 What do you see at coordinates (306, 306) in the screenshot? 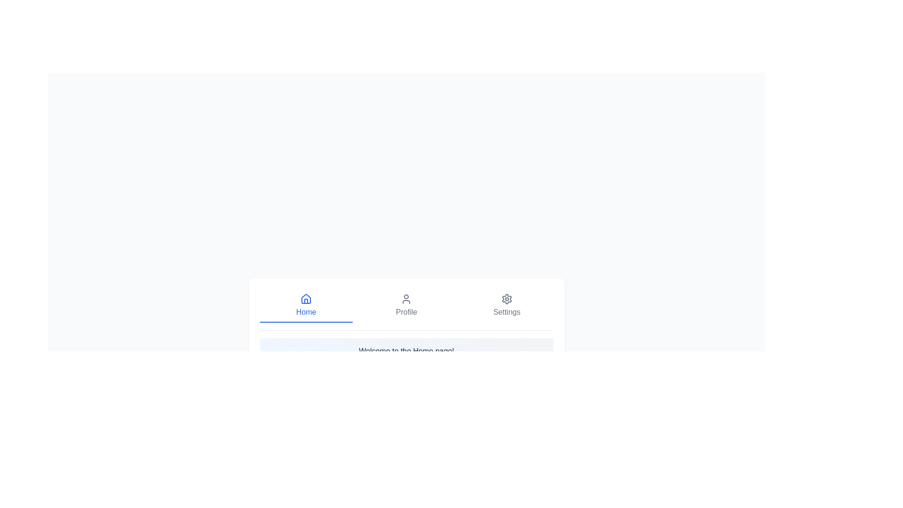
I see `the tab labeled Home and read the content displayed below` at bounding box center [306, 306].